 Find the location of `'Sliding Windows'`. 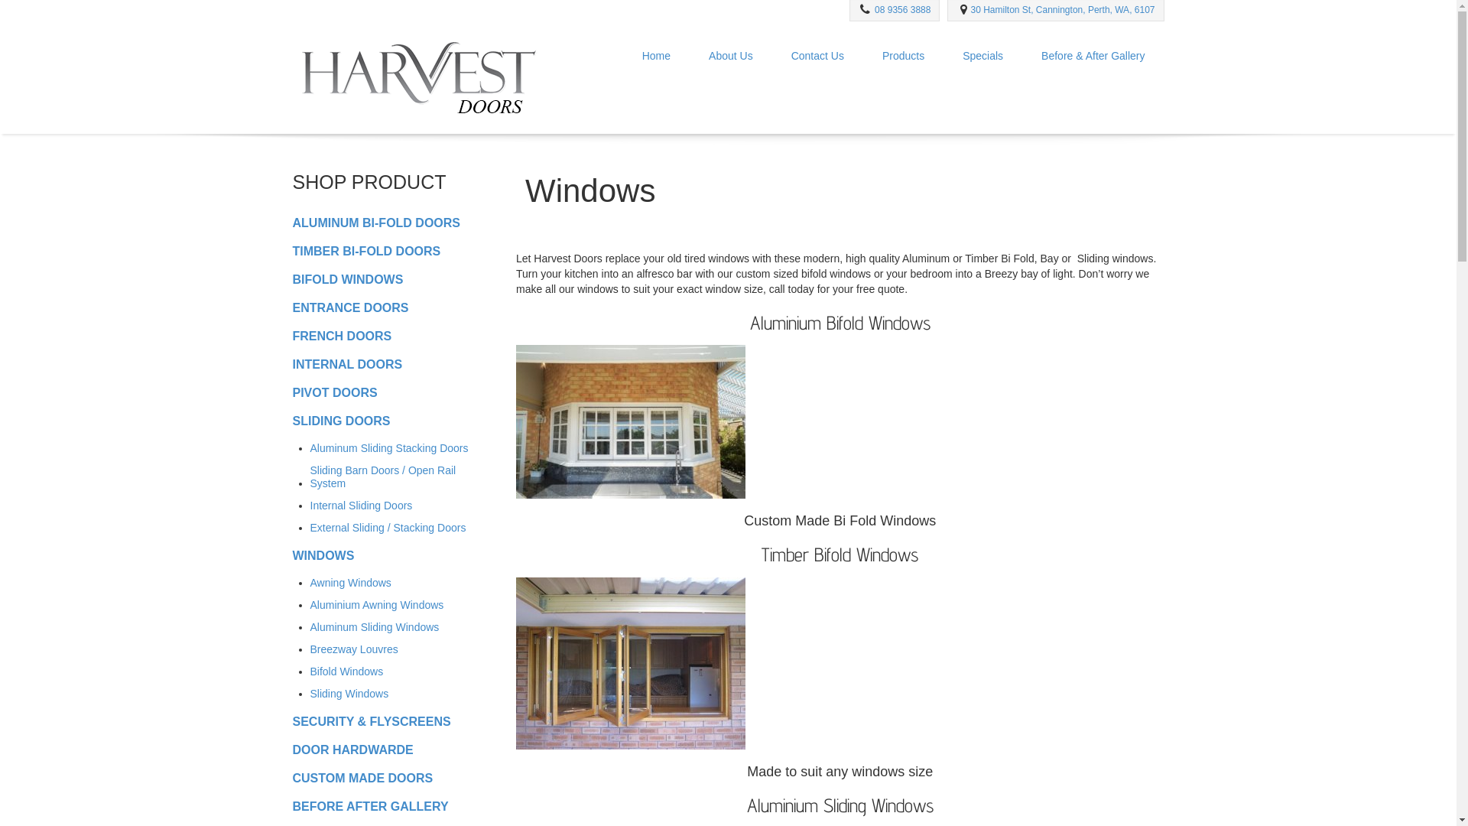

'Sliding Windows' is located at coordinates (349, 693).